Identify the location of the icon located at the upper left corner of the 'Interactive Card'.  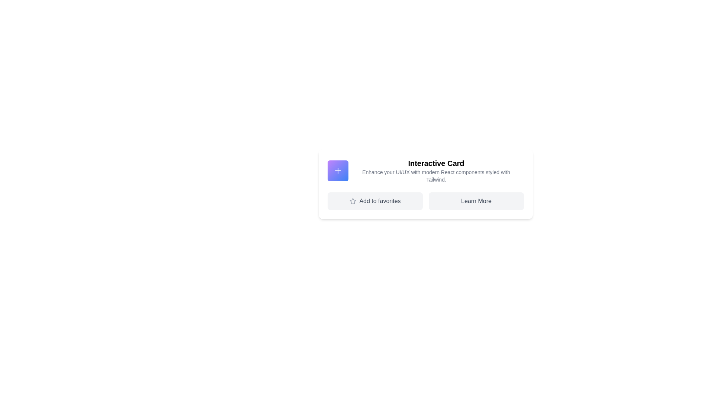
(337, 170).